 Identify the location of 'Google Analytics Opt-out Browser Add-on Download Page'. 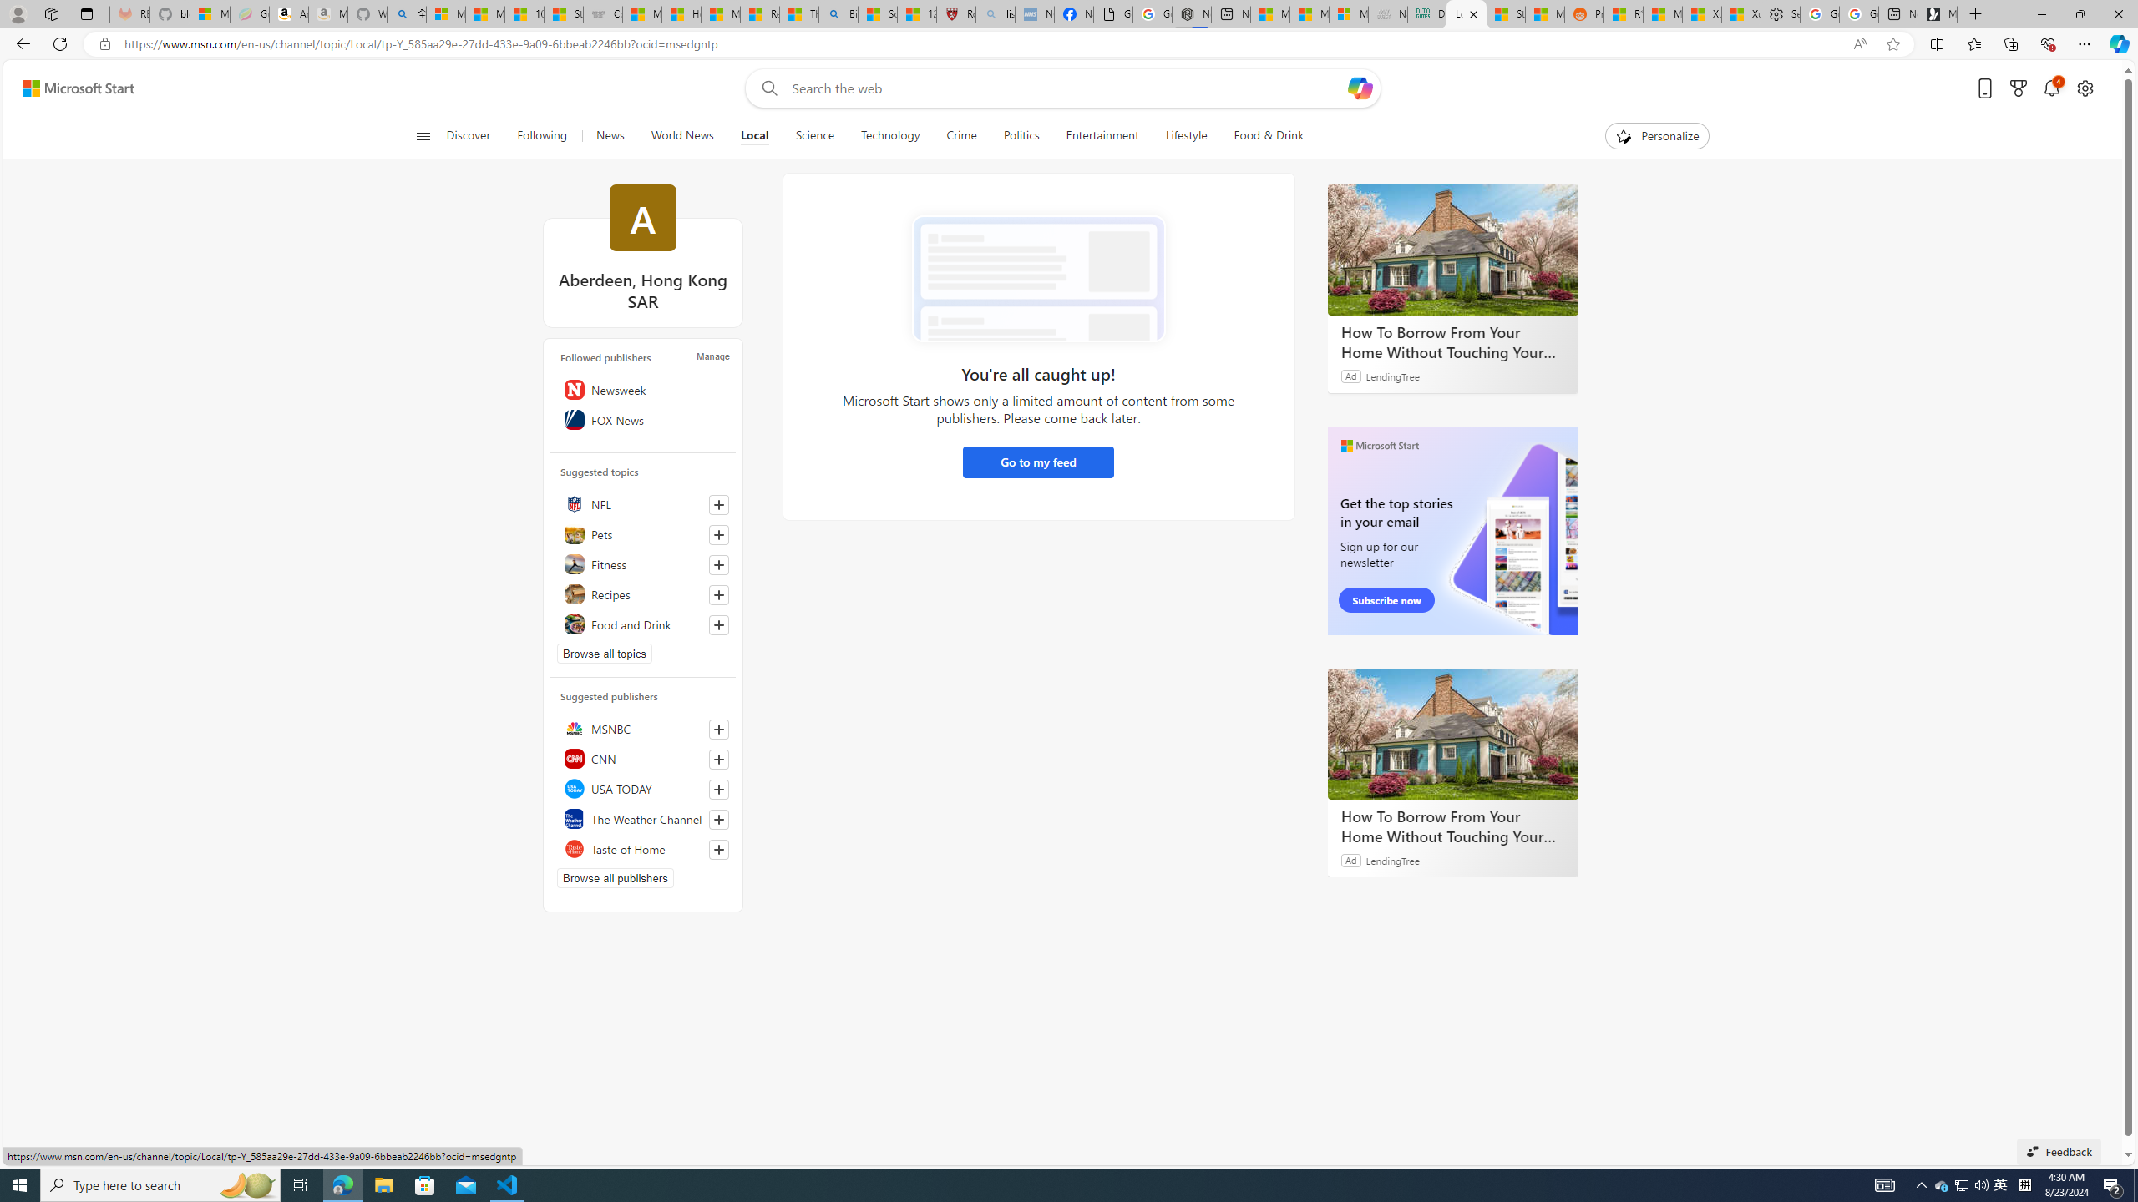
(1112, 13).